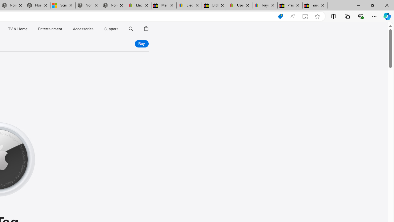  I want to click on 'Nordace - FAQ', so click(113, 5).